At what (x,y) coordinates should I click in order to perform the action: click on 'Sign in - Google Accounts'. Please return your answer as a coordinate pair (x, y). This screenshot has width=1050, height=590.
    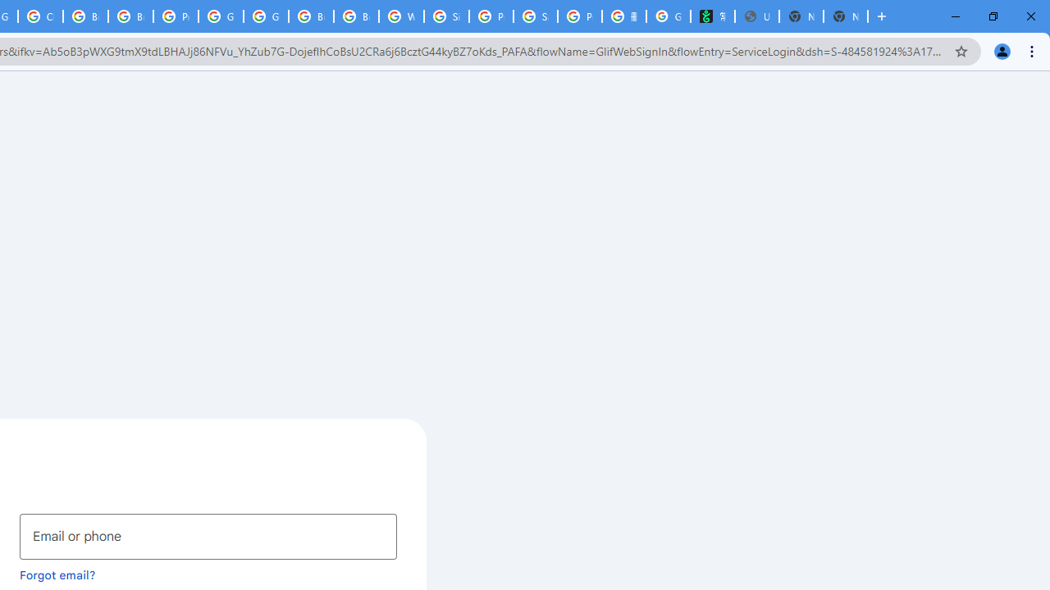
    Looking at the image, I should click on (446, 16).